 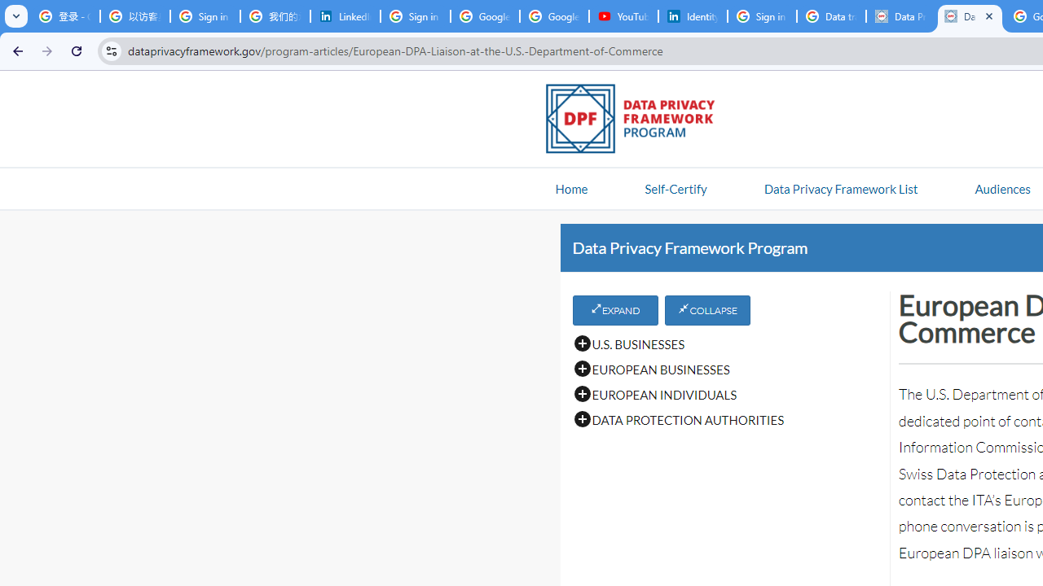 What do you see at coordinates (571, 187) in the screenshot?
I see `'Home'` at bounding box center [571, 187].